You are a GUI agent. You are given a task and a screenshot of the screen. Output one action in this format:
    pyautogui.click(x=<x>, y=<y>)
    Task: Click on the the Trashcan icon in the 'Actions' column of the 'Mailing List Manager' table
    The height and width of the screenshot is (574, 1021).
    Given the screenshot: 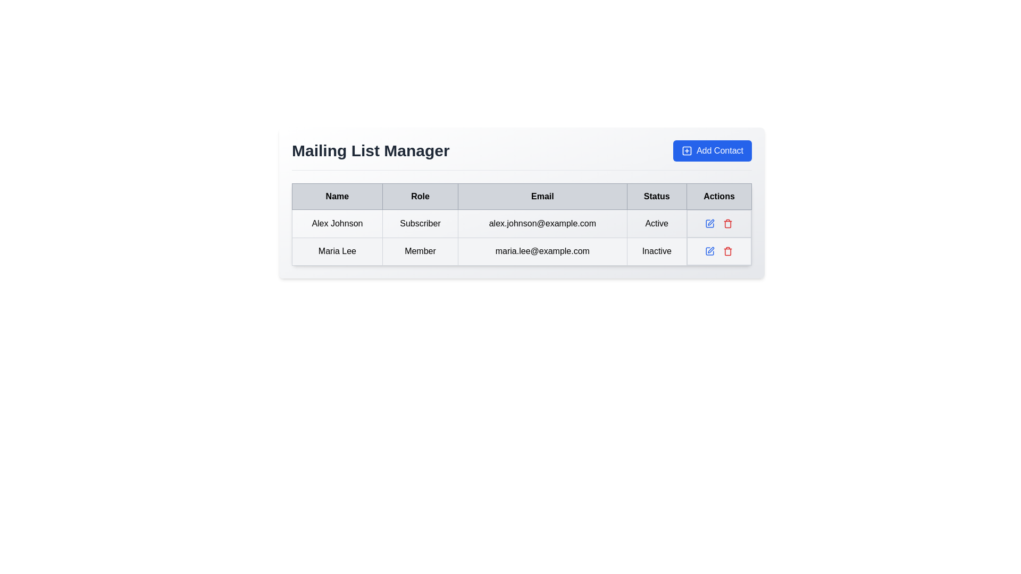 What is the action you would take?
    pyautogui.click(x=727, y=251)
    